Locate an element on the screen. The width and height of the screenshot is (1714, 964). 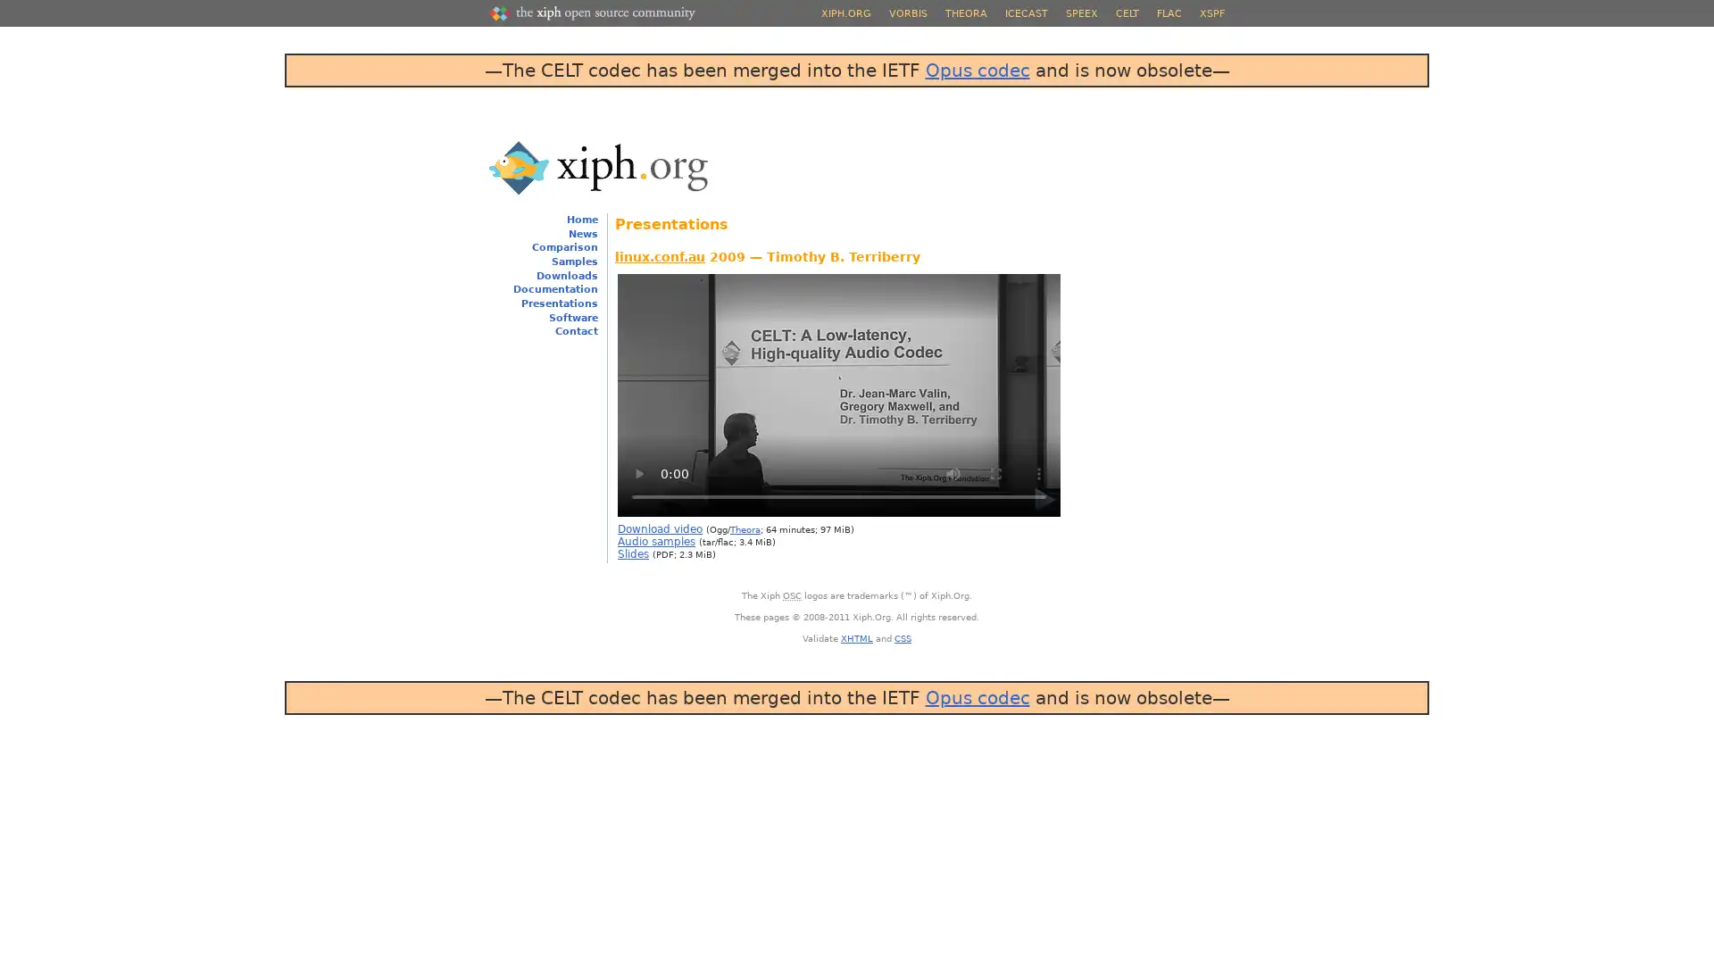
enter full screen is located at coordinates (995, 471).